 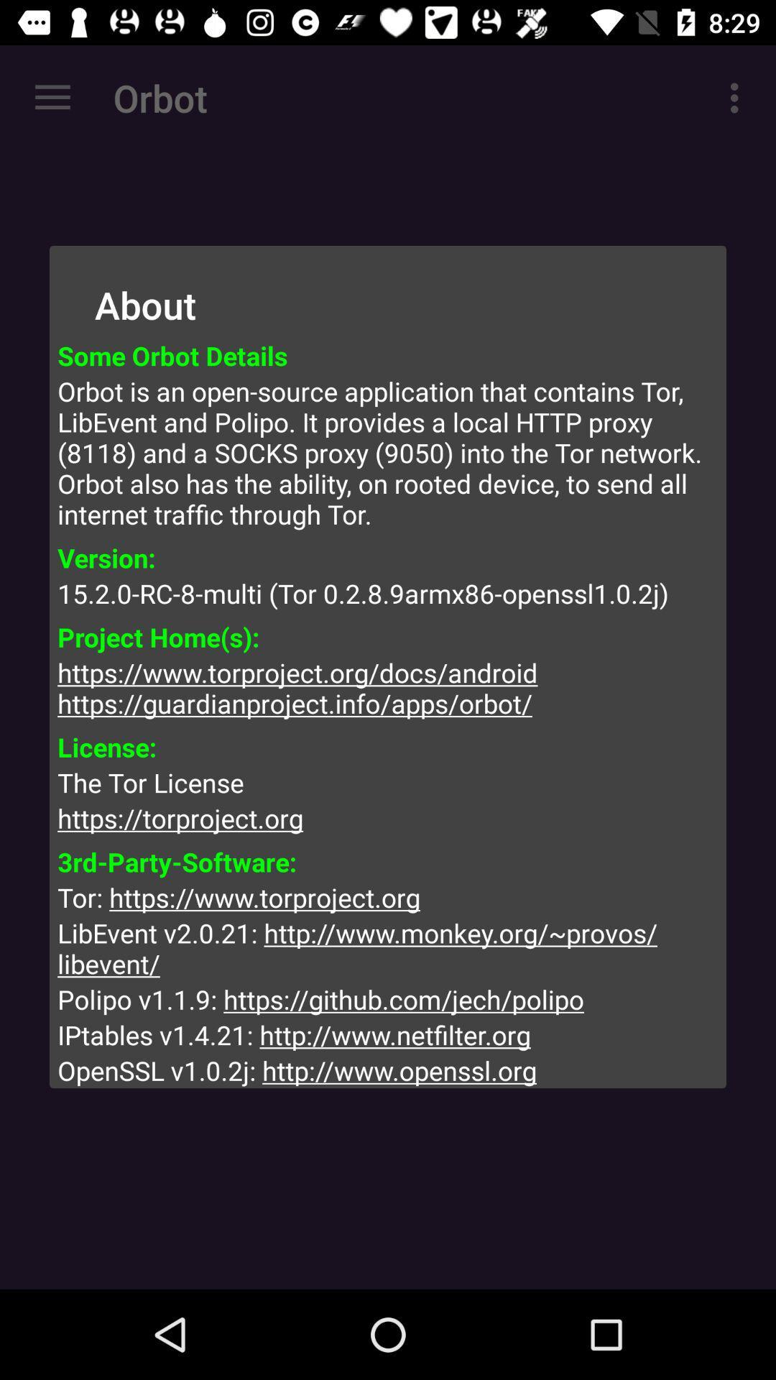 What do you see at coordinates (388, 1035) in the screenshot?
I see `the iptables v1 4` at bounding box center [388, 1035].